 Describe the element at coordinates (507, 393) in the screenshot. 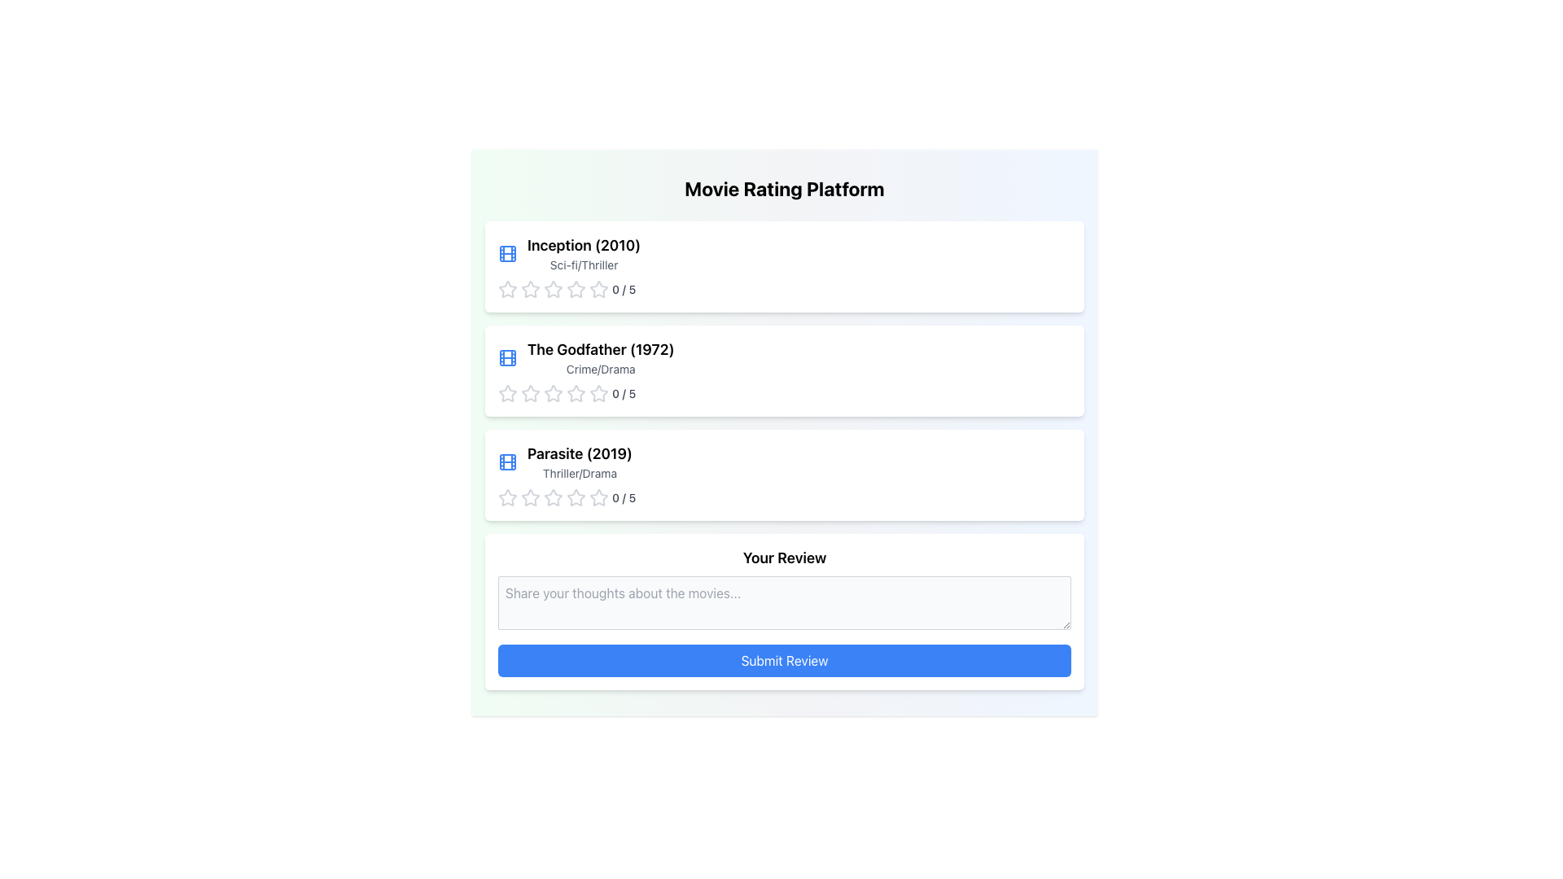

I see `the first rating star for the movie 'The Godfather (1972)' to rate it one out of five` at that location.